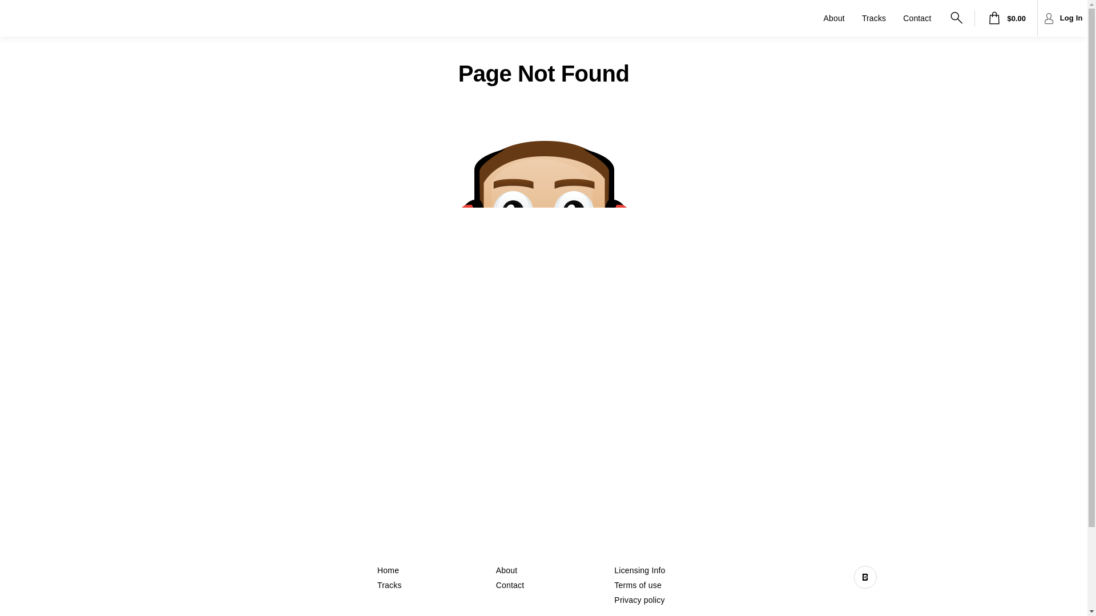 The height and width of the screenshot is (616, 1096). What do you see at coordinates (389, 585) in the screenshot?
I see `'Tracks'` at bounding box center [389, 585].